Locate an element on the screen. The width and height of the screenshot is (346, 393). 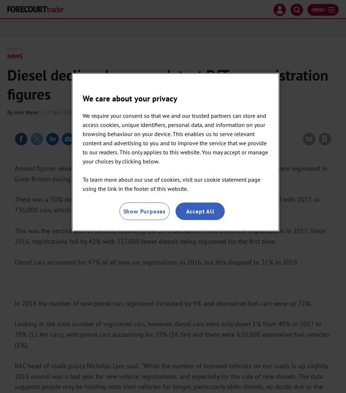
'Please' is located at coordinates (221, 123).